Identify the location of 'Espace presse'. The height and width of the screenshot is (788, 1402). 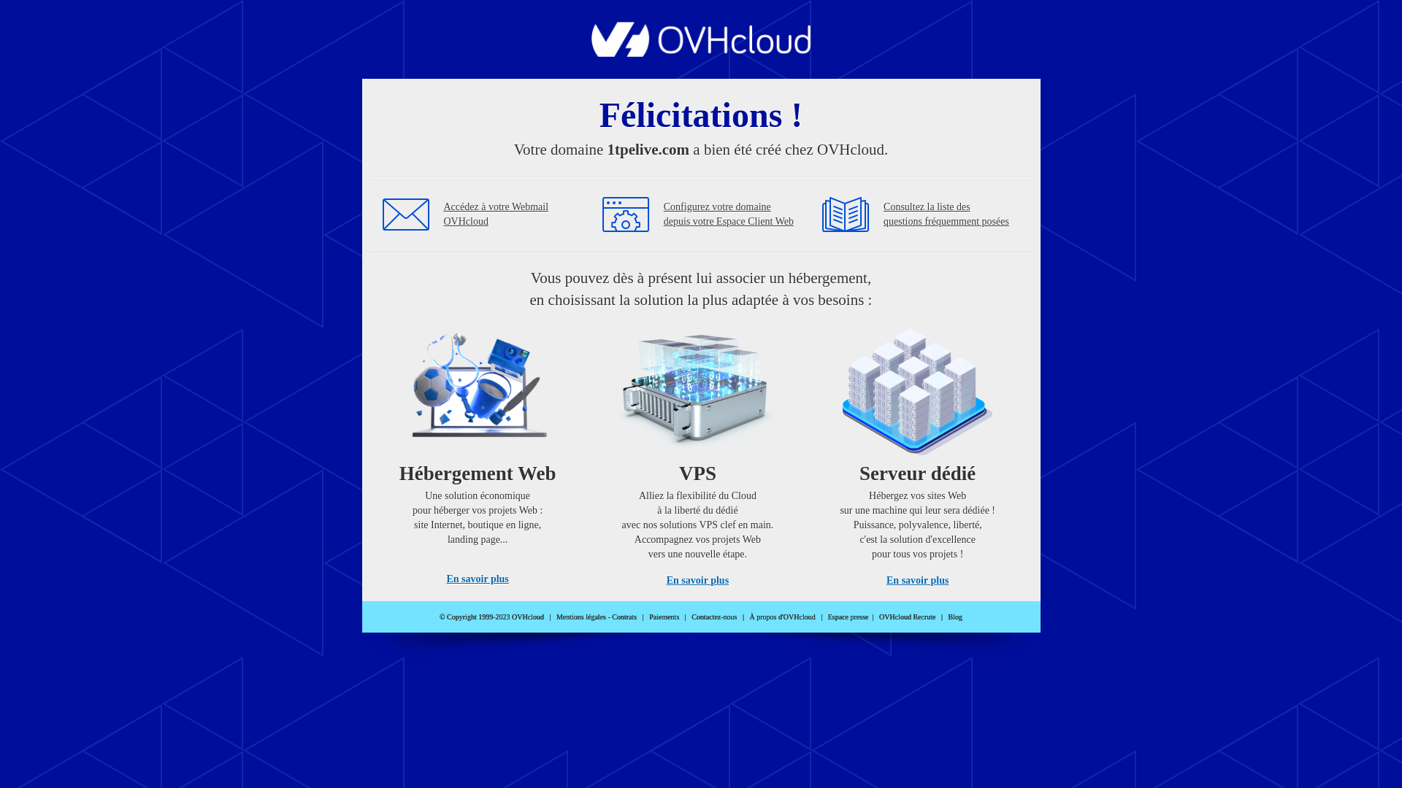
(848, 617).